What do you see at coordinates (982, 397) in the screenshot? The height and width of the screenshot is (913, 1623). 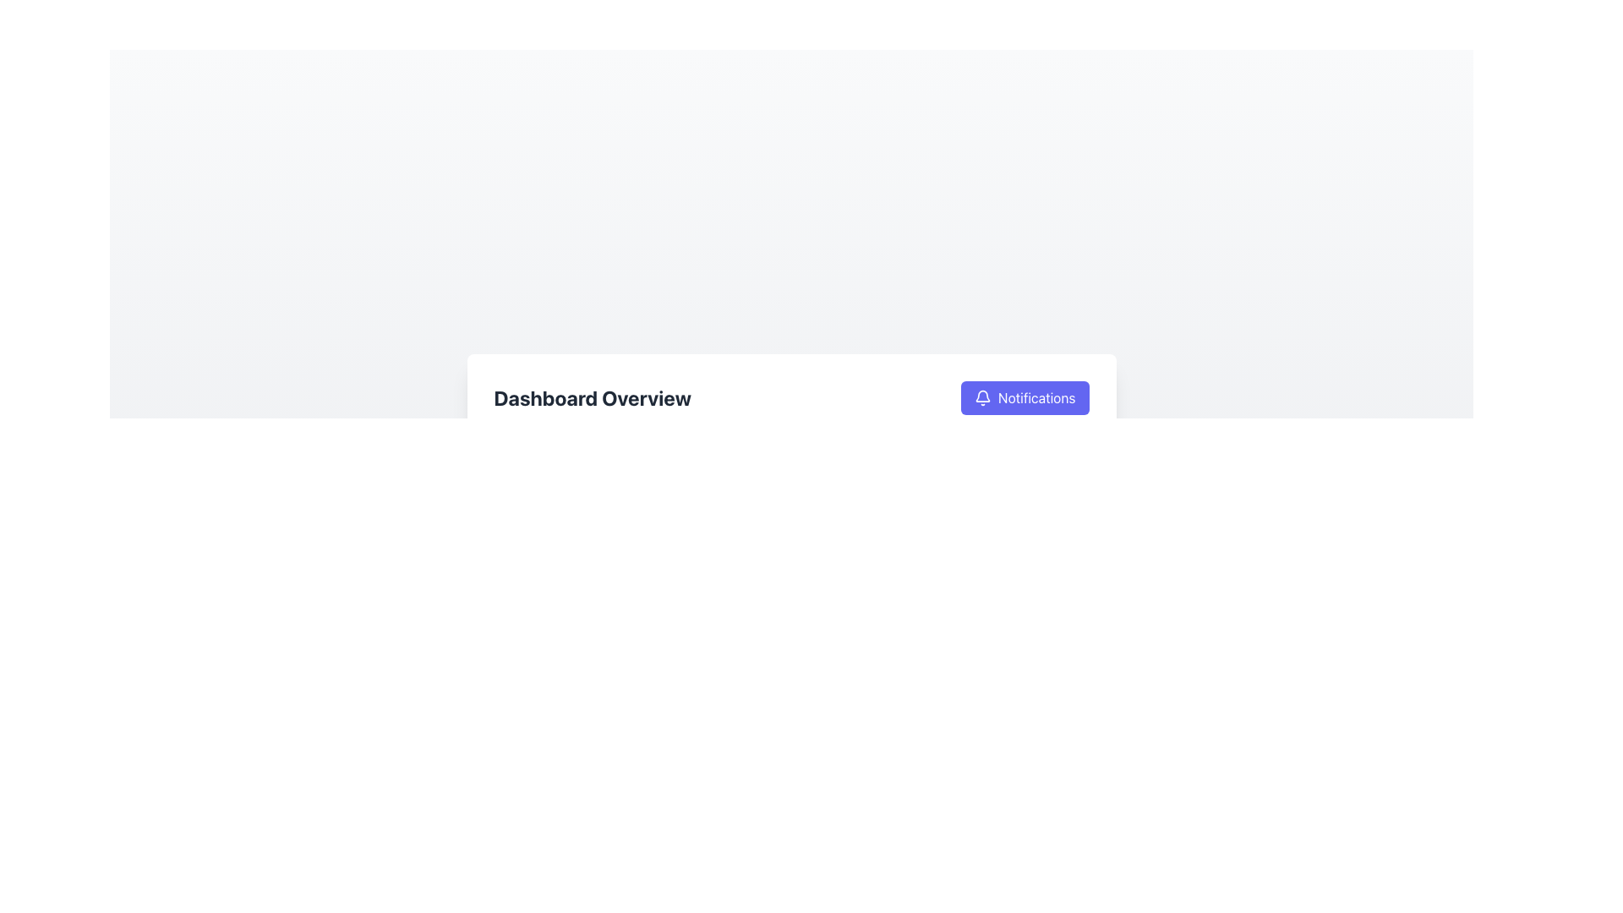 I see `the bell-shaped icon located to the left of the 'Notifications' label within the button styled with a purple background` at bounding box center [982, 397].